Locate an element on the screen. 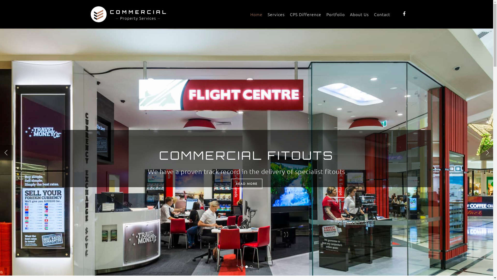  'About Us' is located at coordinates (359, 14).